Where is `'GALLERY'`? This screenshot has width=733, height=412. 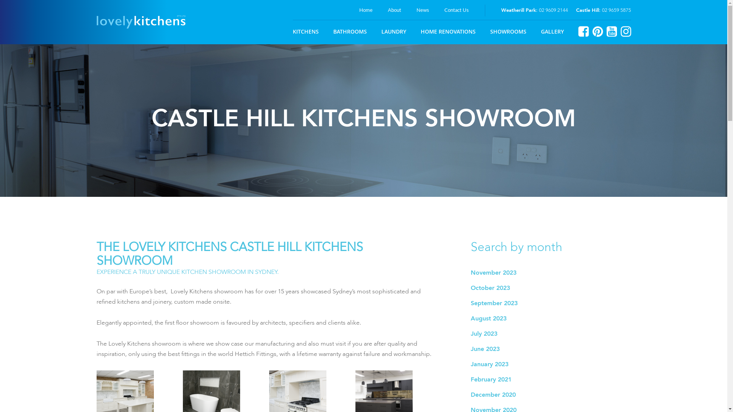 'GALLERY' is located at coordinates (552, 31).